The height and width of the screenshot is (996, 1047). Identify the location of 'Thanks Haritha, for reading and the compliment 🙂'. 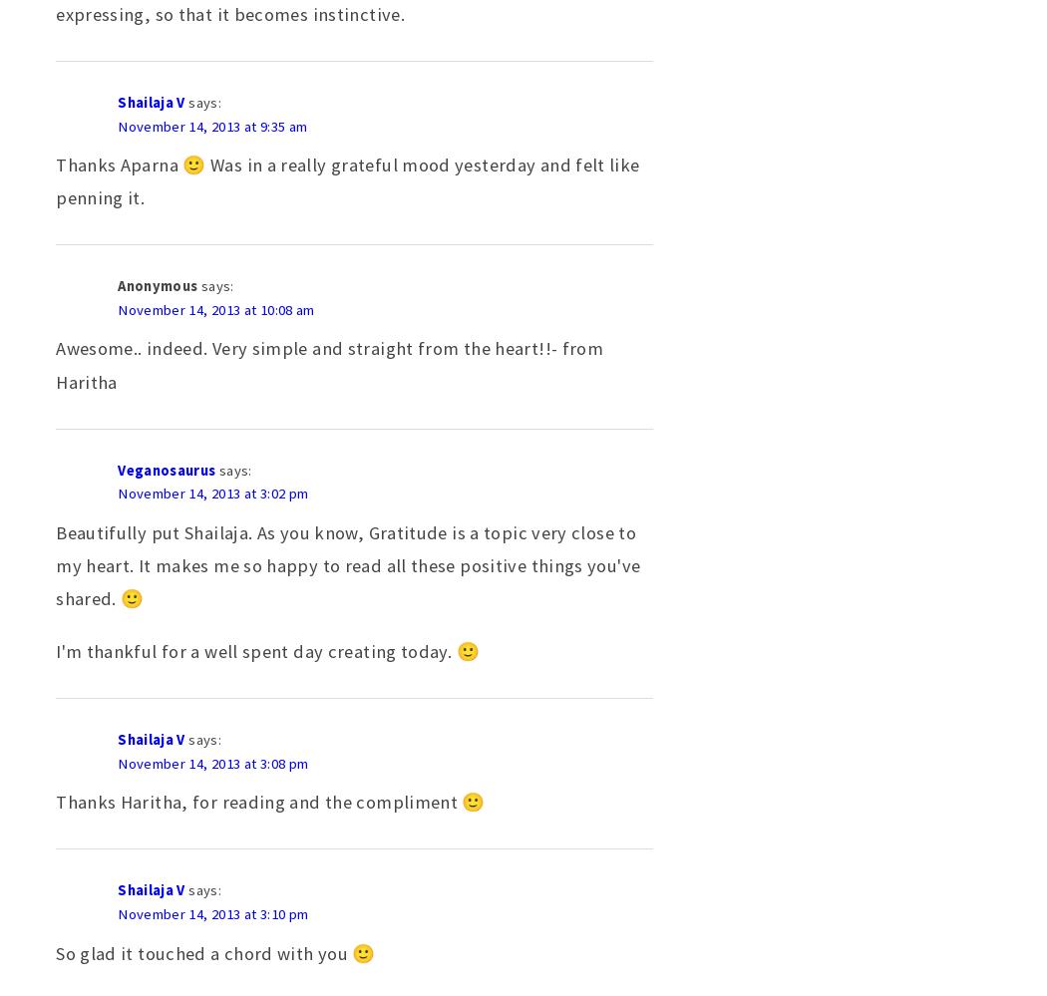
(54, 802).